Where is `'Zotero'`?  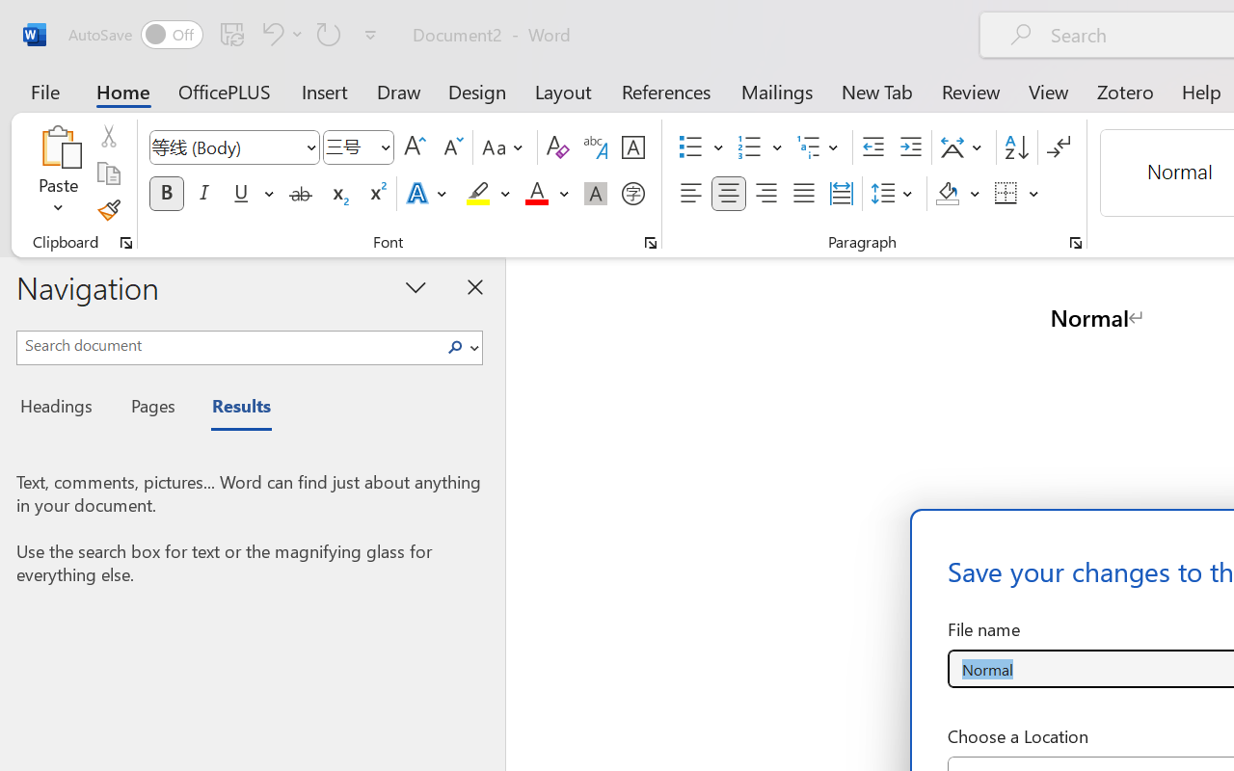 'Zotero' is located at coordinates (1125, 91).